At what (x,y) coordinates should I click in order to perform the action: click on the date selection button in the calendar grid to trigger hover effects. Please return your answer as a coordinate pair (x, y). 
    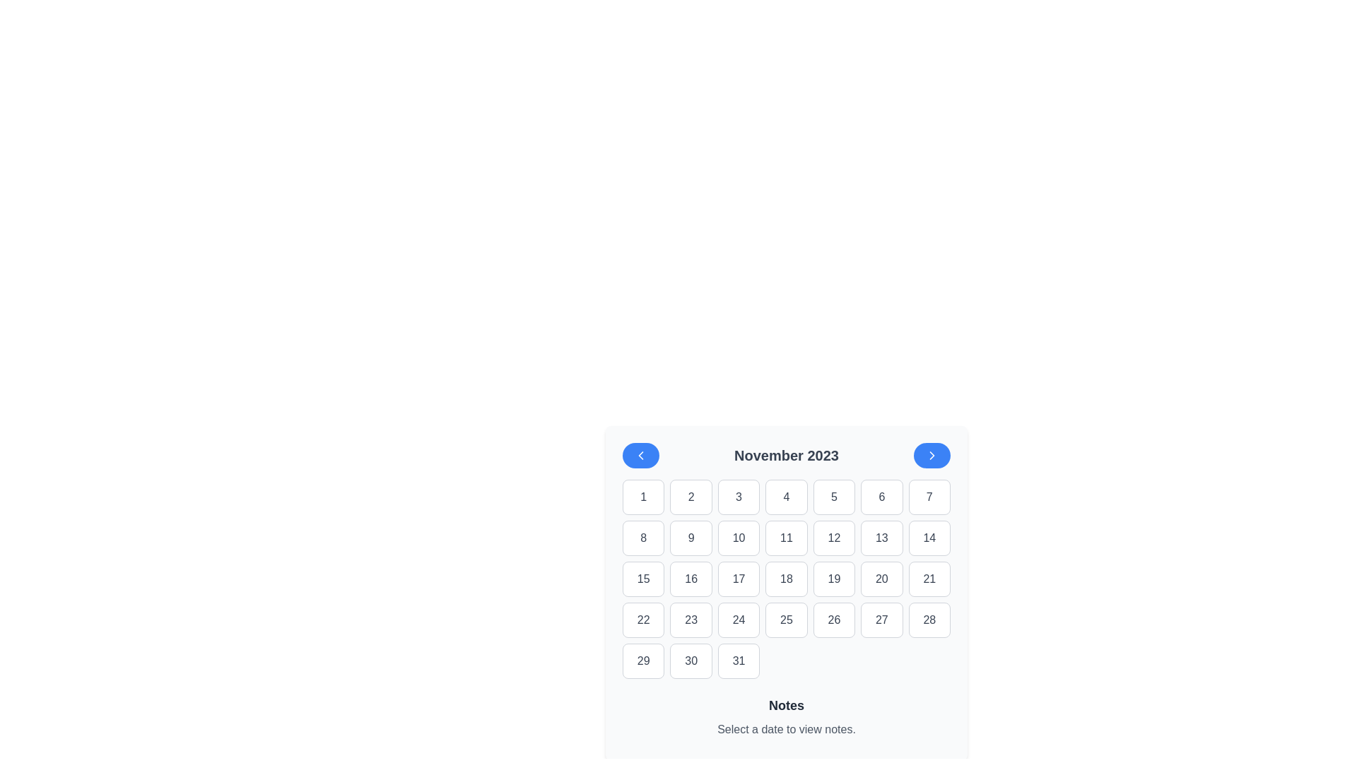
    Looking at the image, I should click on (834, 579).